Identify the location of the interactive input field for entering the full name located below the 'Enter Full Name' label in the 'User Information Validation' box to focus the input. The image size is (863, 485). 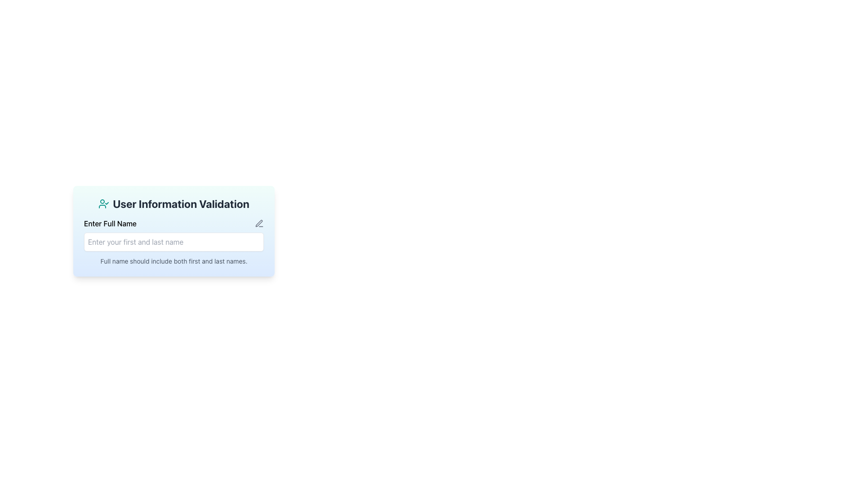
(174, 242).